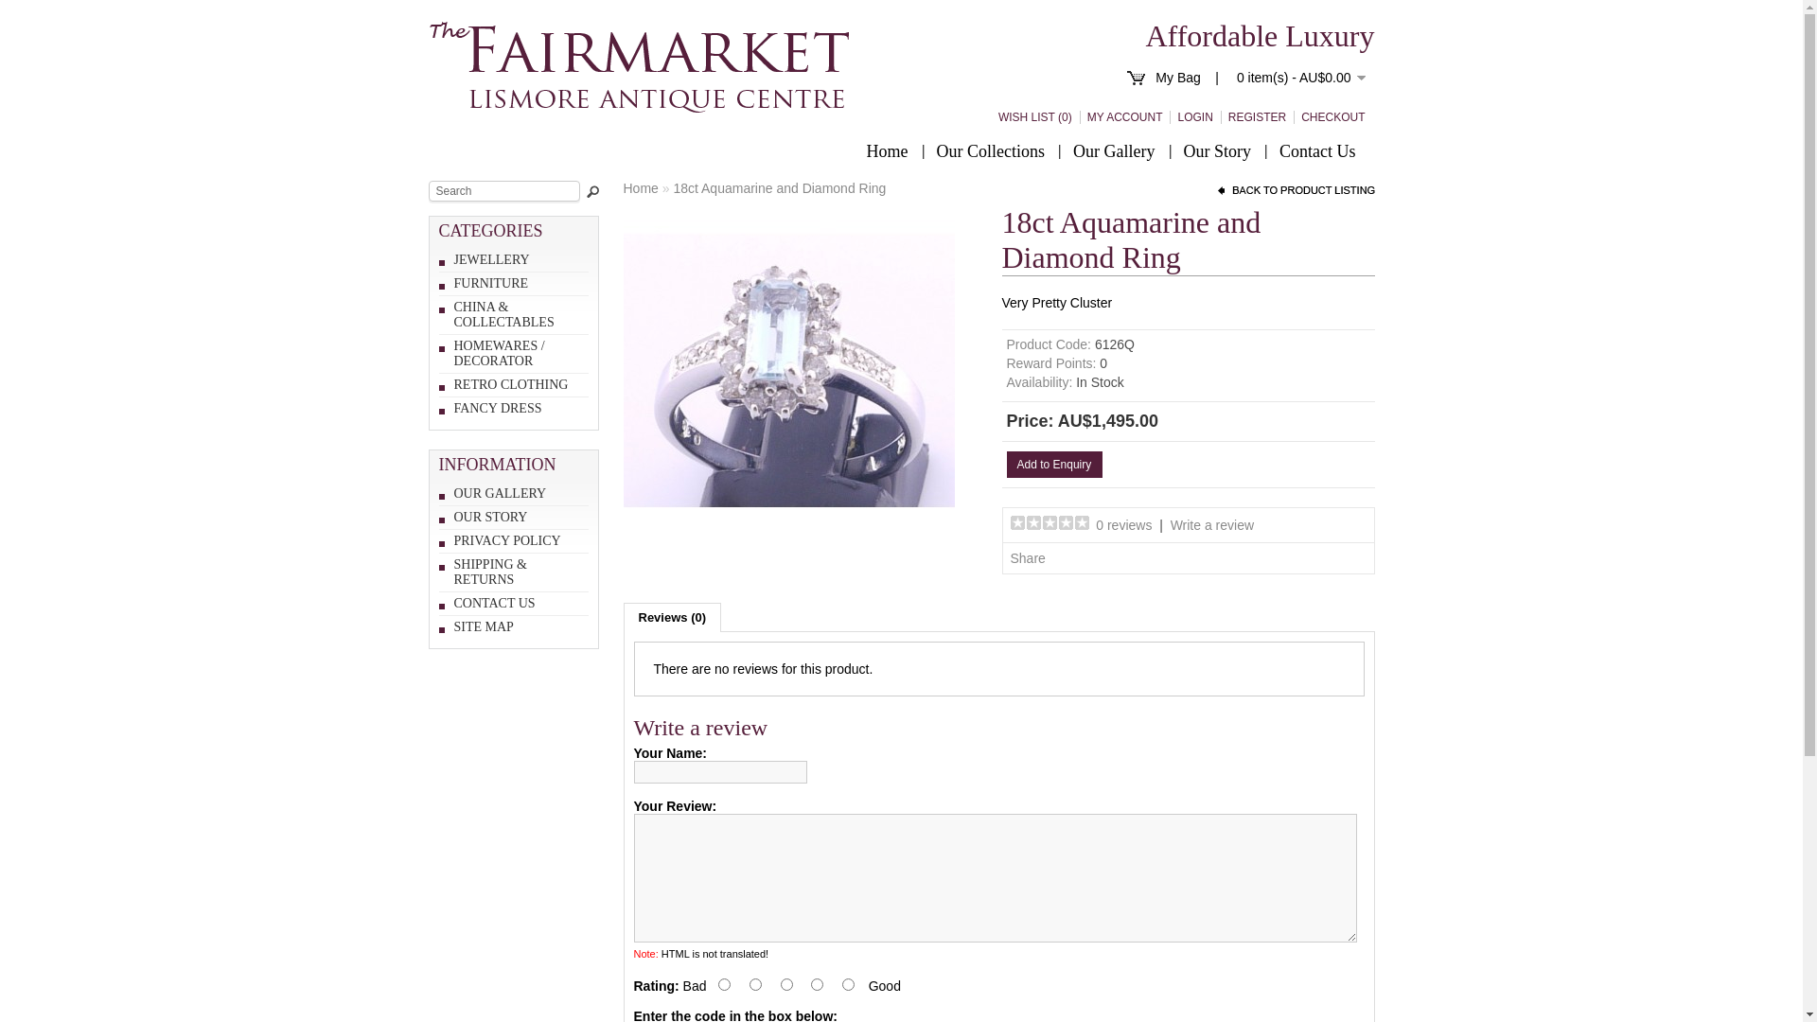 This screenshot has width=1817, height=1022. Describe the element at coordinates (990, 150) in the screenshot. I see `'Our Collections'` at that location.